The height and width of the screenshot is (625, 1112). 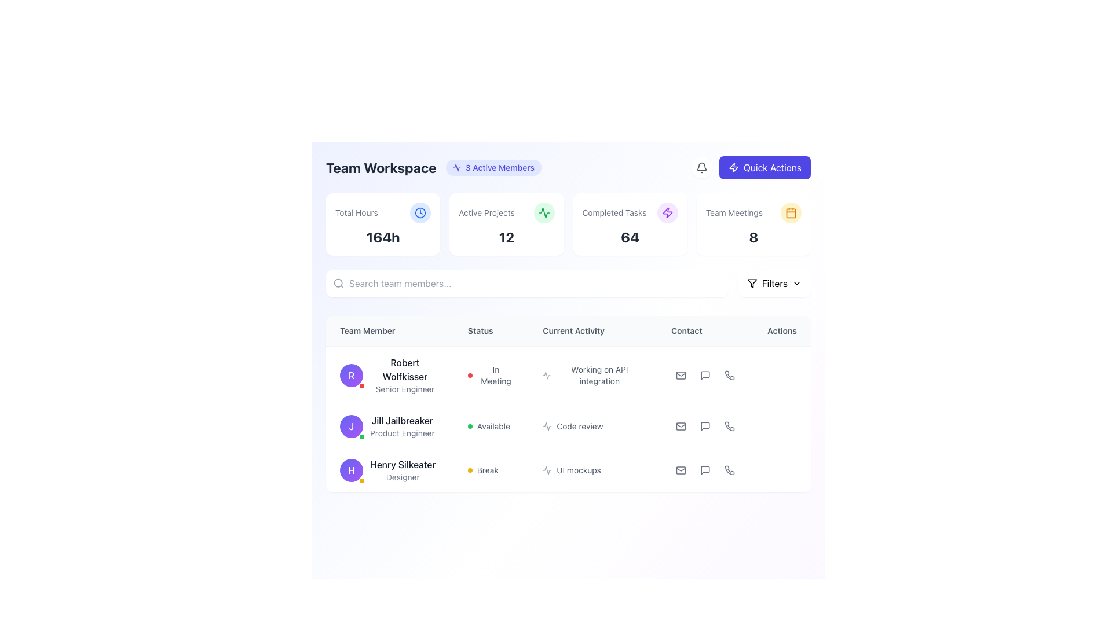 What do you see at coordinates (705, 470) in the screenshot?
I see `the chat bubble icon button in the 'Actions' column for 'Henry Silkeater' in the 'Team Members' table` at bounding box center [705, 470].